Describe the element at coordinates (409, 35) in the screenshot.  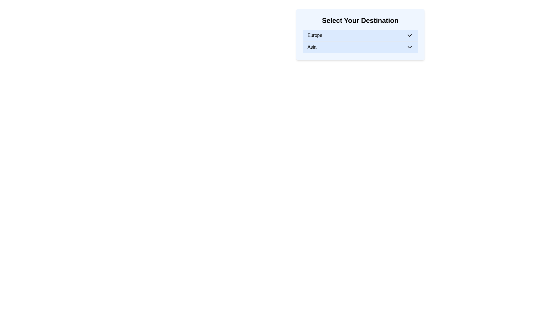
I see `the expand/collapse icon located to the right of the 'Europe' dropdown item in the 'Select Your Destination' dialog box` at that location.